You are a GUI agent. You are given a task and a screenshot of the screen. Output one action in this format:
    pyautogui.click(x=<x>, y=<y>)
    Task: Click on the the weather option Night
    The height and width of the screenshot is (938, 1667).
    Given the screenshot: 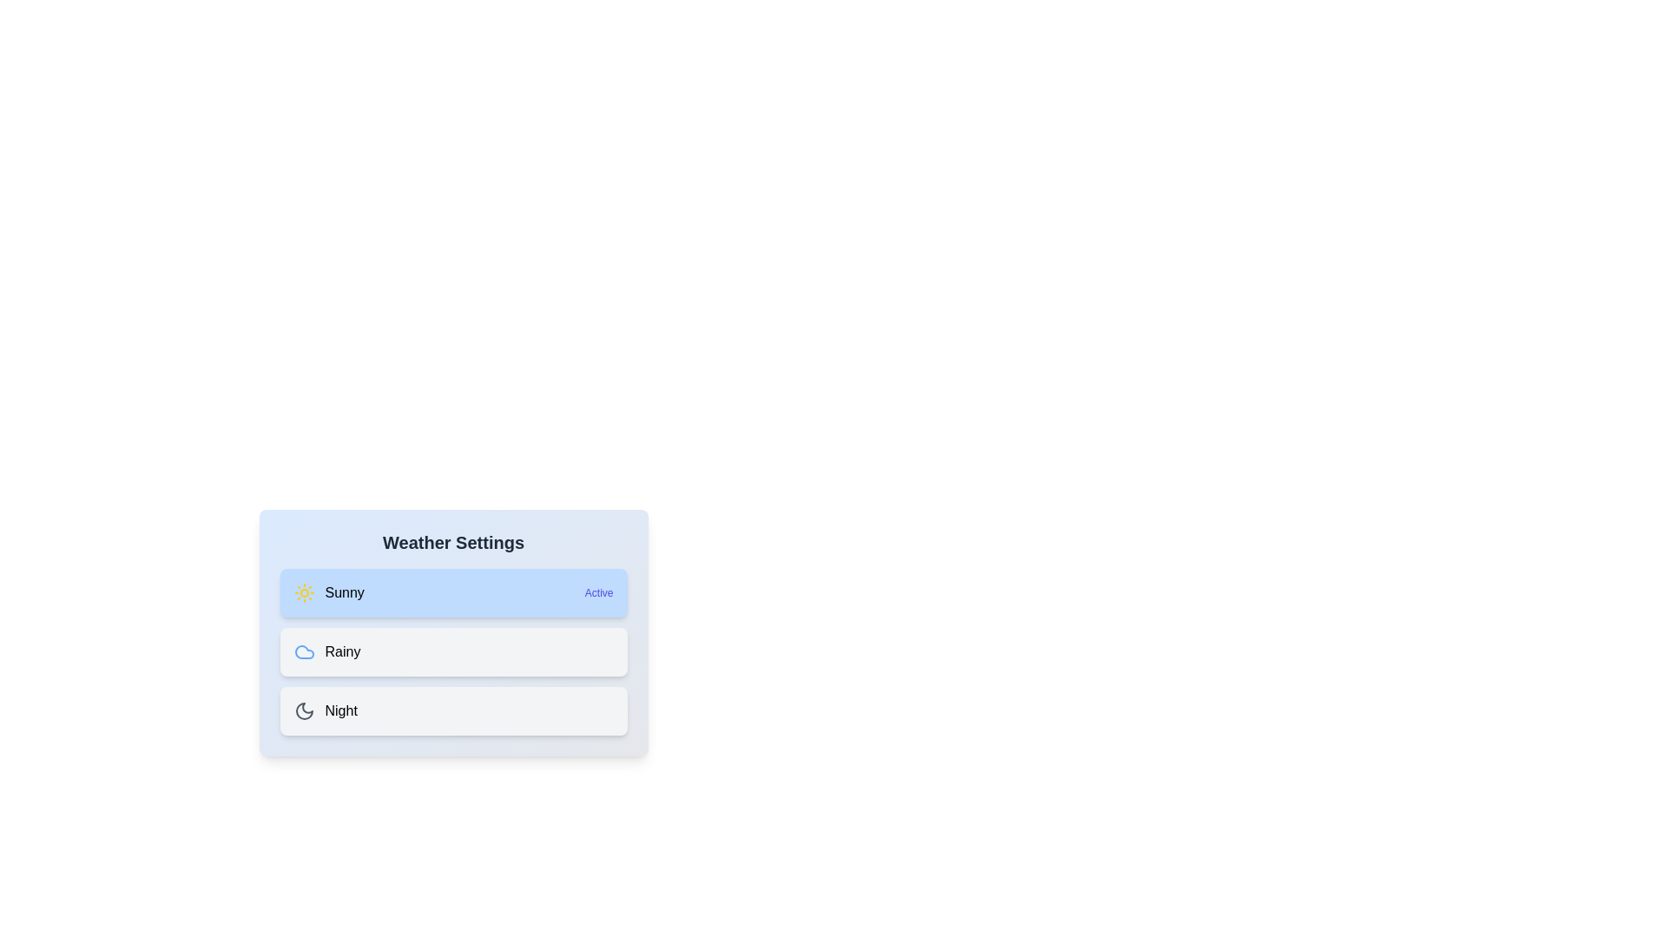 What is the action you would take?
    pyautogui.click(x=453, y=710)
    